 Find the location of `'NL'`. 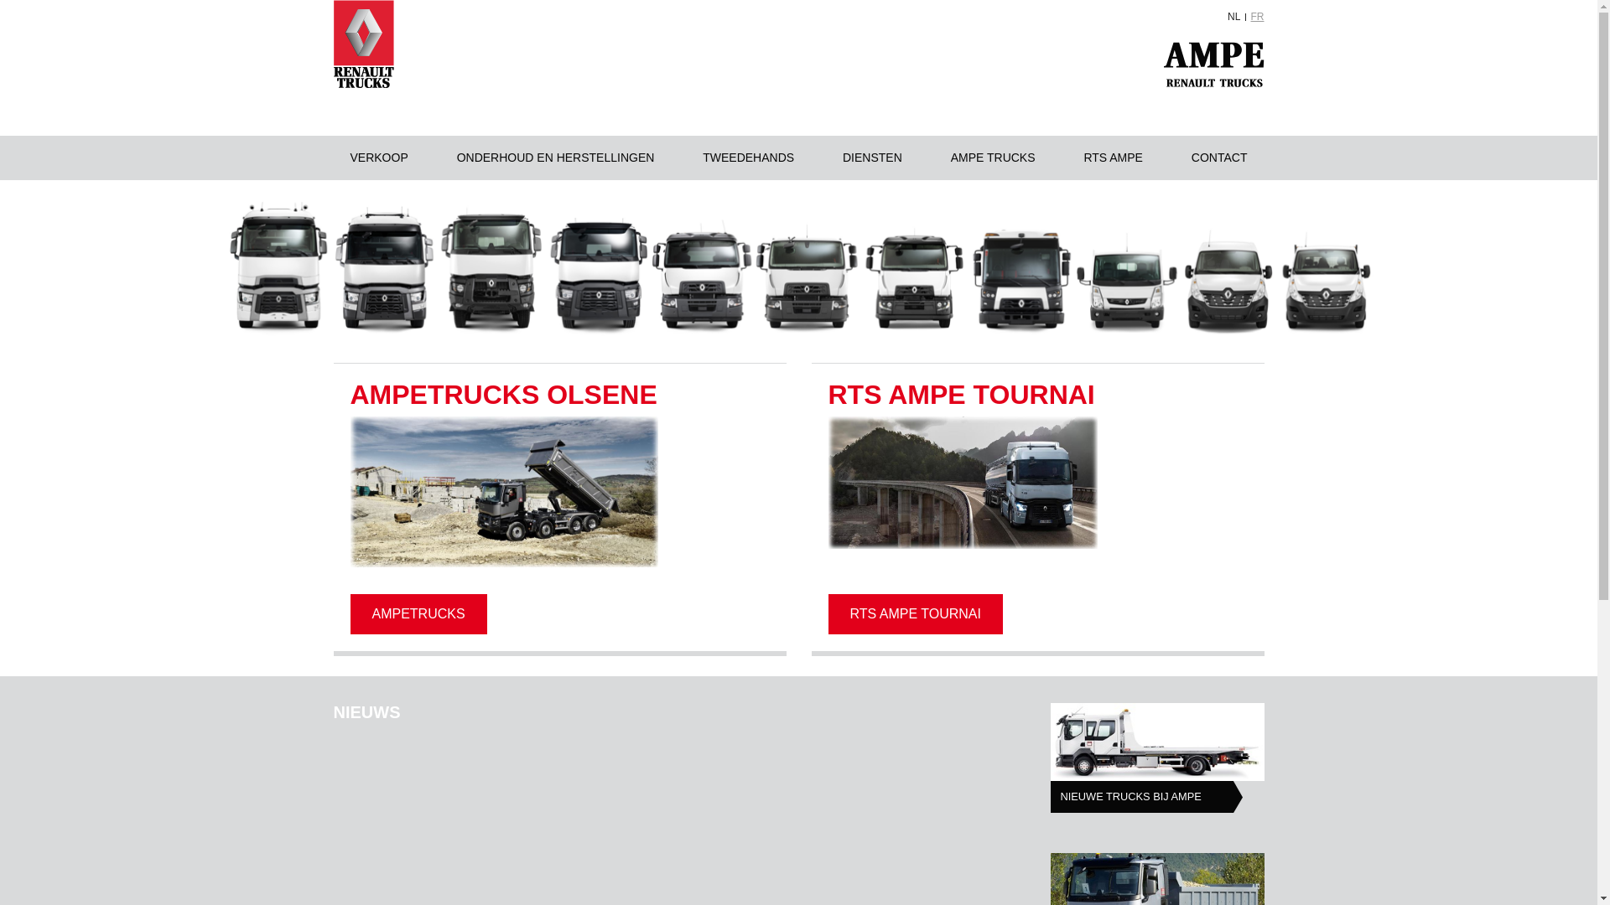

'NL' is located at coordinates (1228, 16).